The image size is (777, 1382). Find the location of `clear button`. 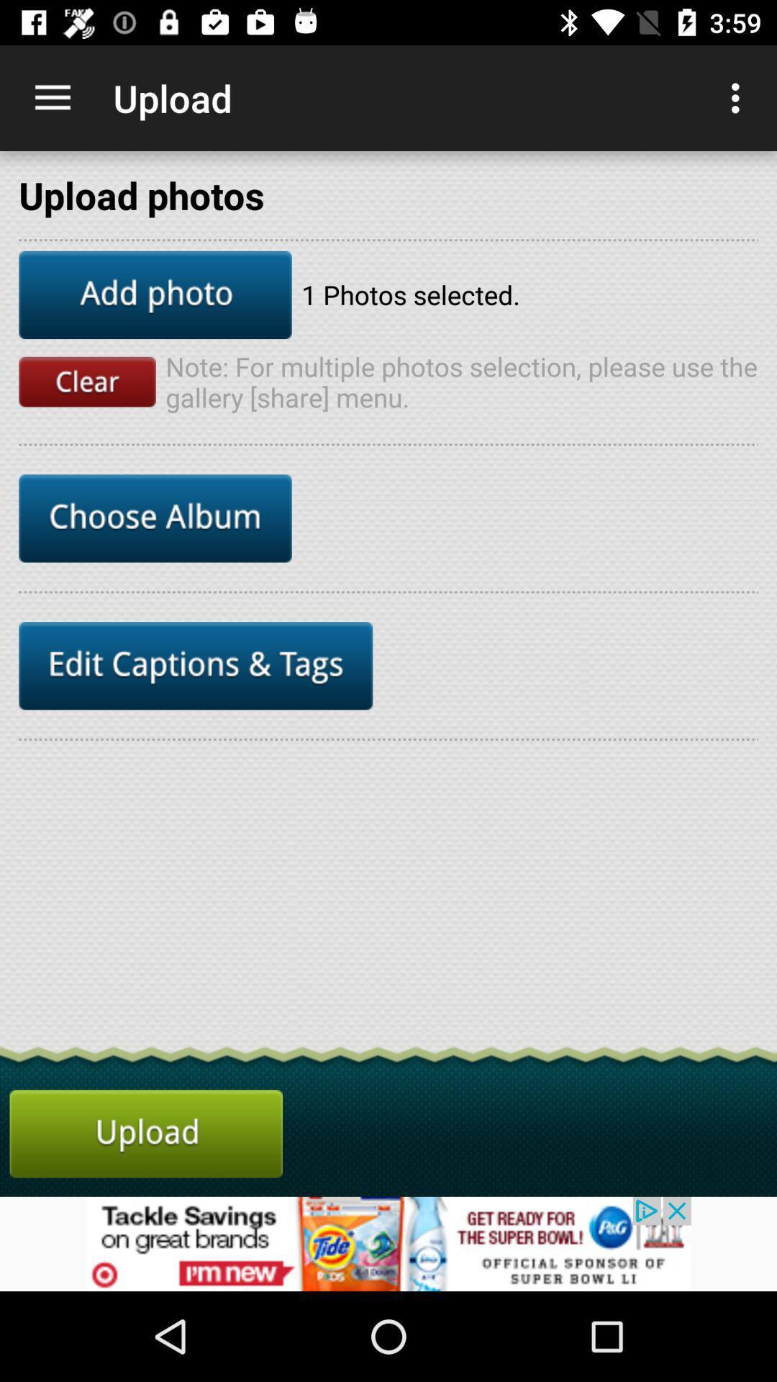

clear button is located at coordinates (87, 381).